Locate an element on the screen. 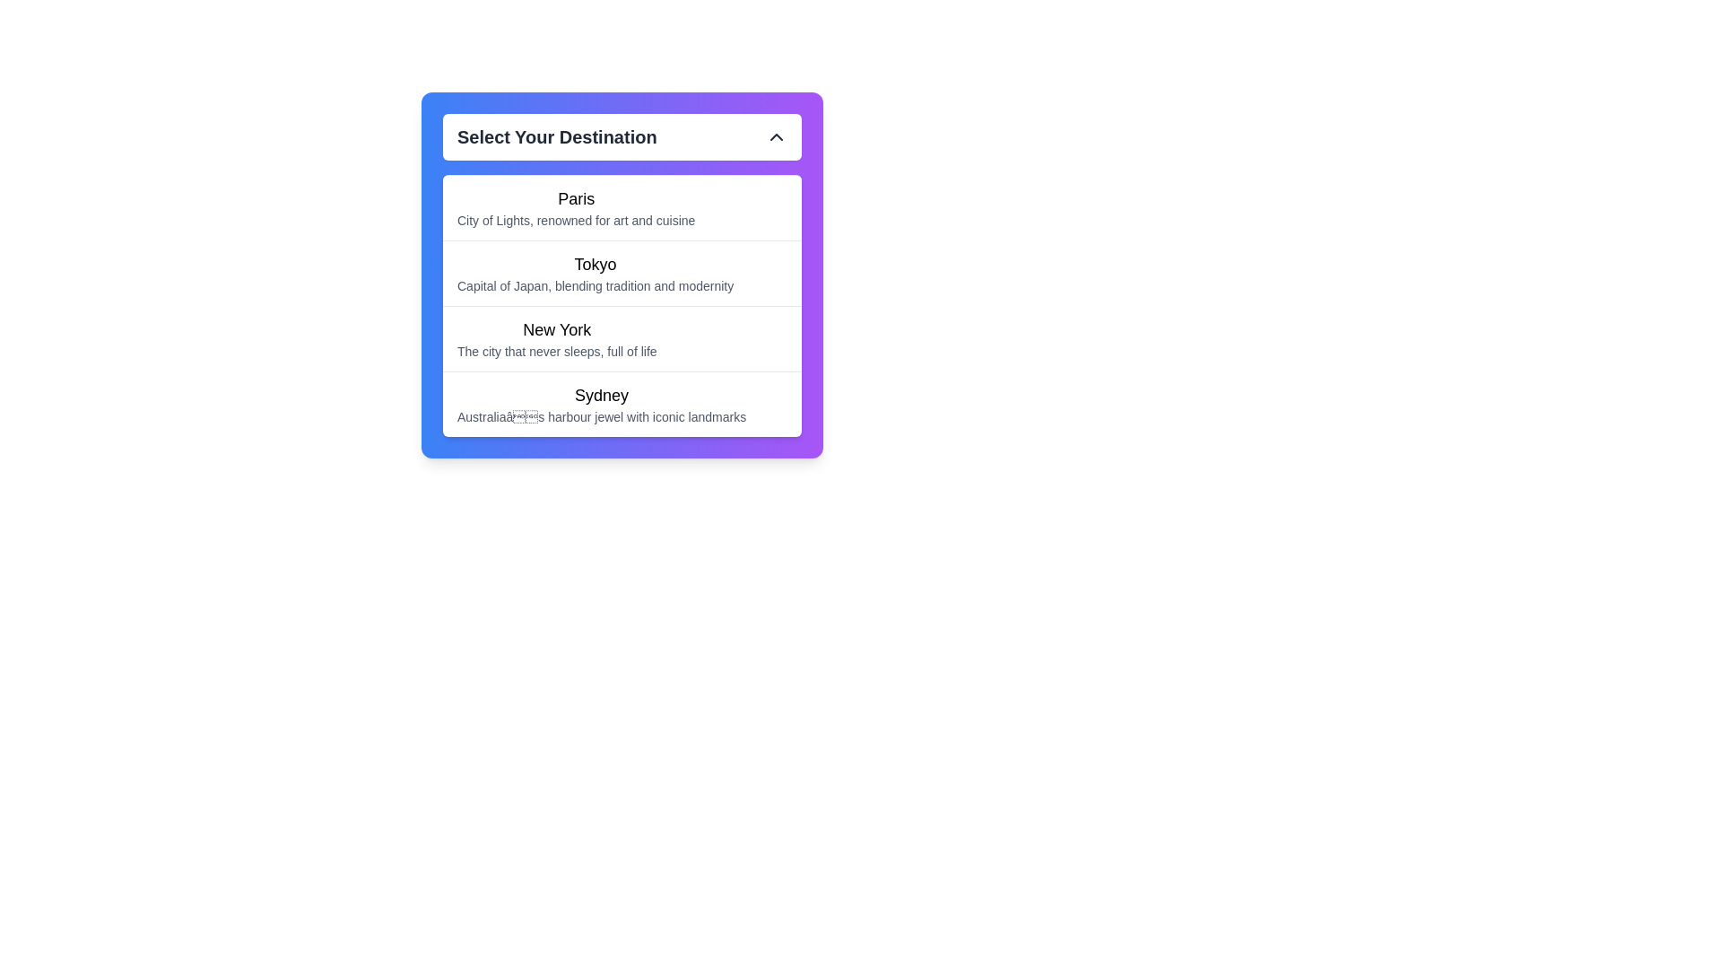 The width and height of the screenshot is (1722, 969). the text label displaying 'Paris', which is bold and larger than the subtitle, located at the top of the dropdown content area is located at coordinates (576, 199).